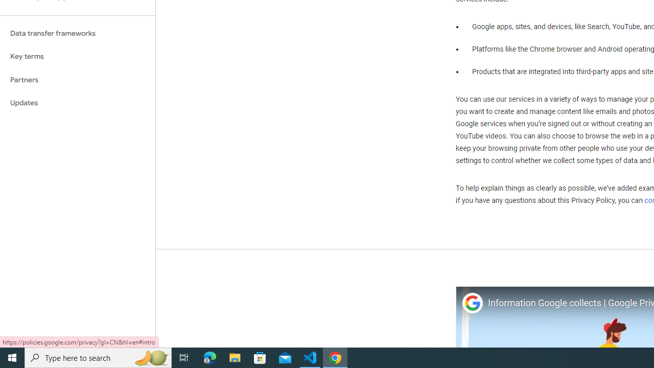 Image resolution: width=654 pixels, height=368 pixels. Describe the element at coordinates (77, 56) in the screenshot. I see `'Key terms'` at that location.